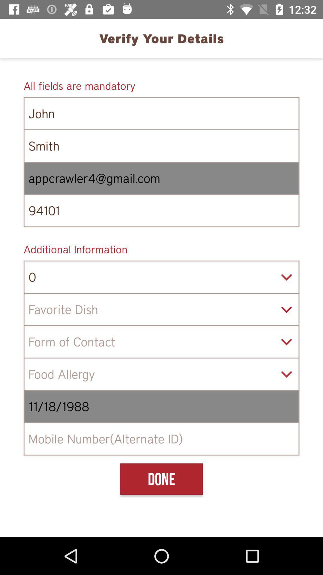 The height and width of the screenshot is (575, 323). What do you see at coordinates (161, 211) in the screenshot?
I see `the item above additional information icon` at bounding box center [161, 211].